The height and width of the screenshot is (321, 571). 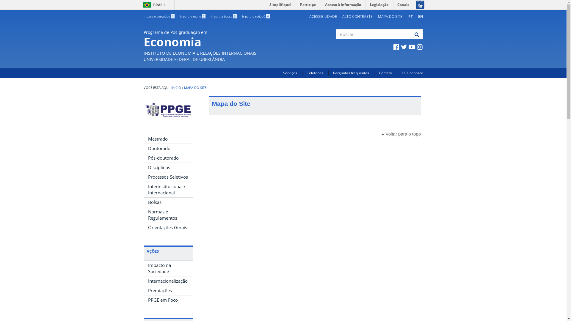 I want to click on 'Ir para o menu 2', so click(x=192, y=16).